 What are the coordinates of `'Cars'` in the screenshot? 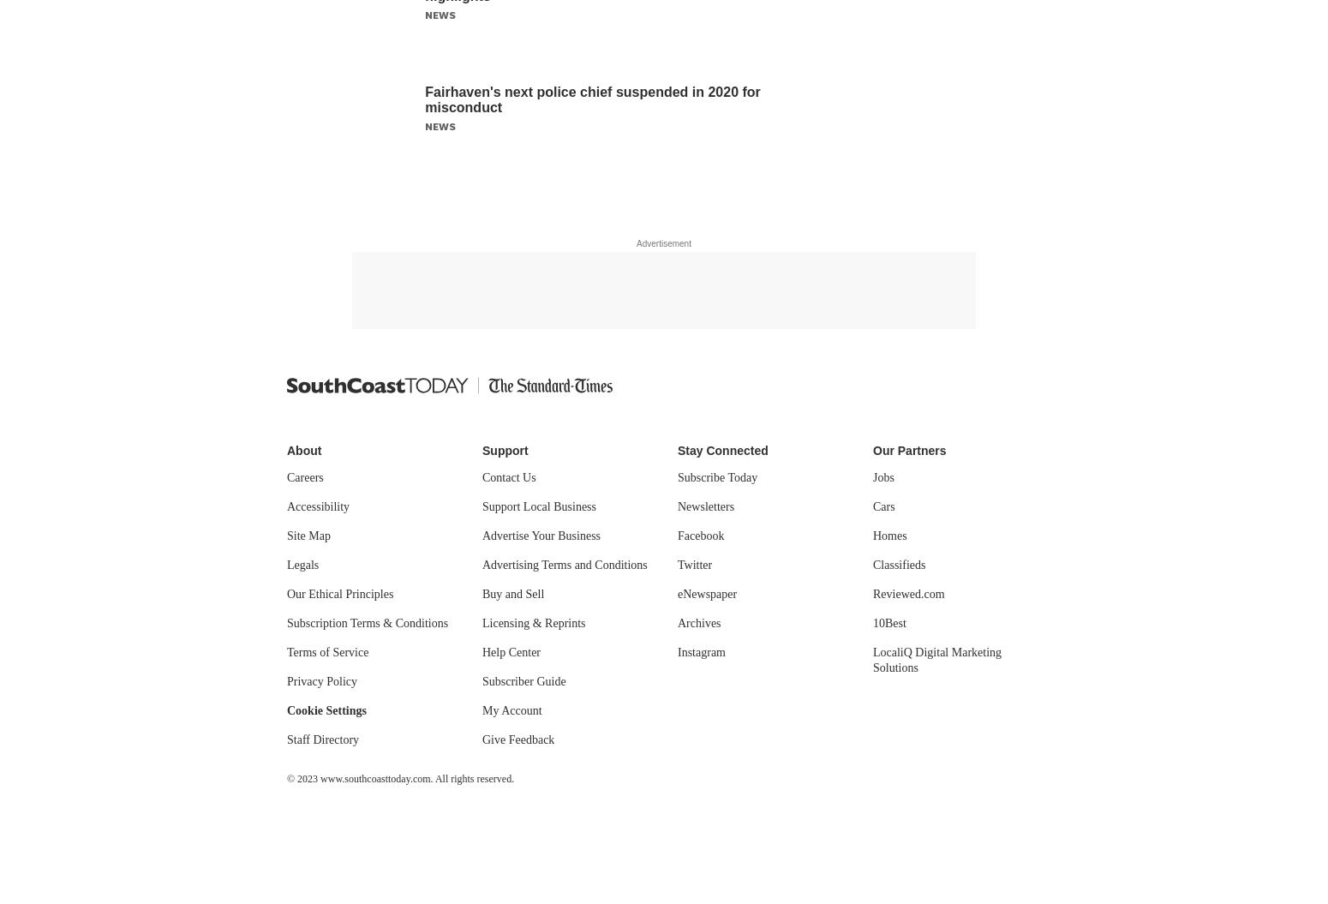 It's located at (883, 506).